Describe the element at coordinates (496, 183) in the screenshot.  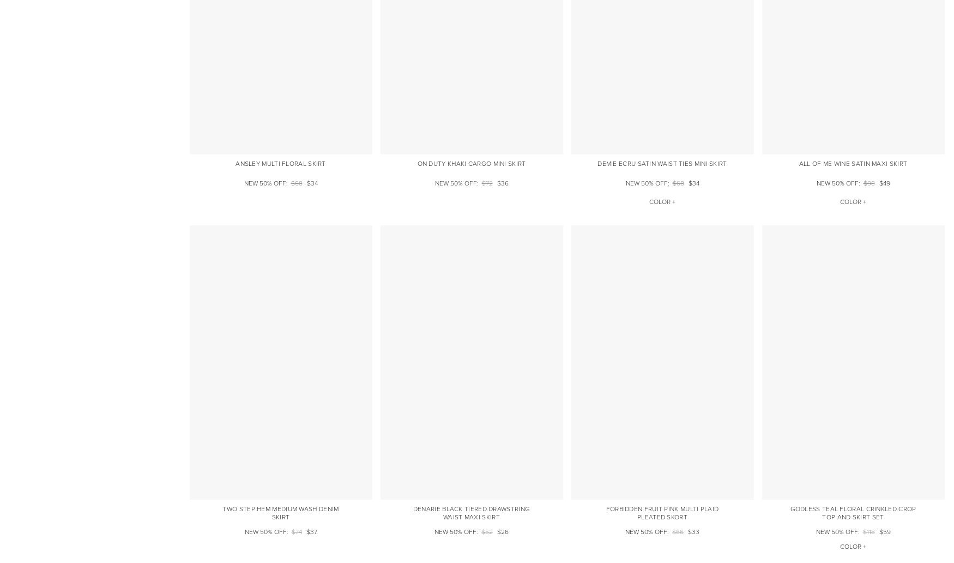
I see `'$36'` at that location.